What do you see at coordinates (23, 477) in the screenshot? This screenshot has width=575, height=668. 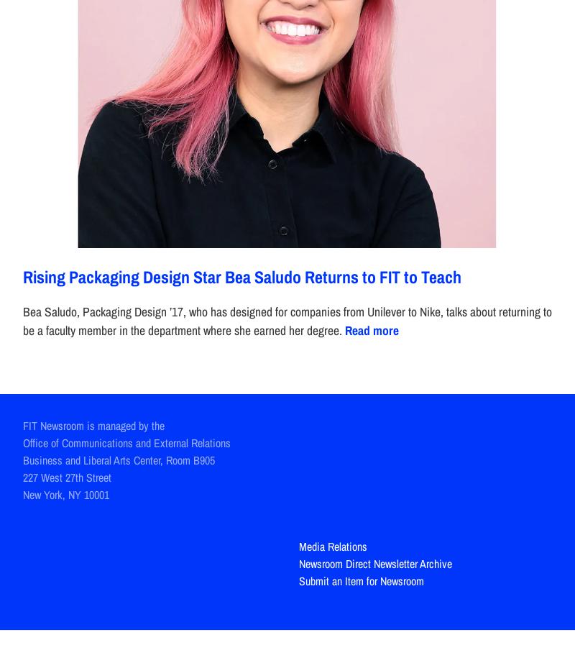 I see `'227 West 27th Street'` at bounding box center [23, 477].